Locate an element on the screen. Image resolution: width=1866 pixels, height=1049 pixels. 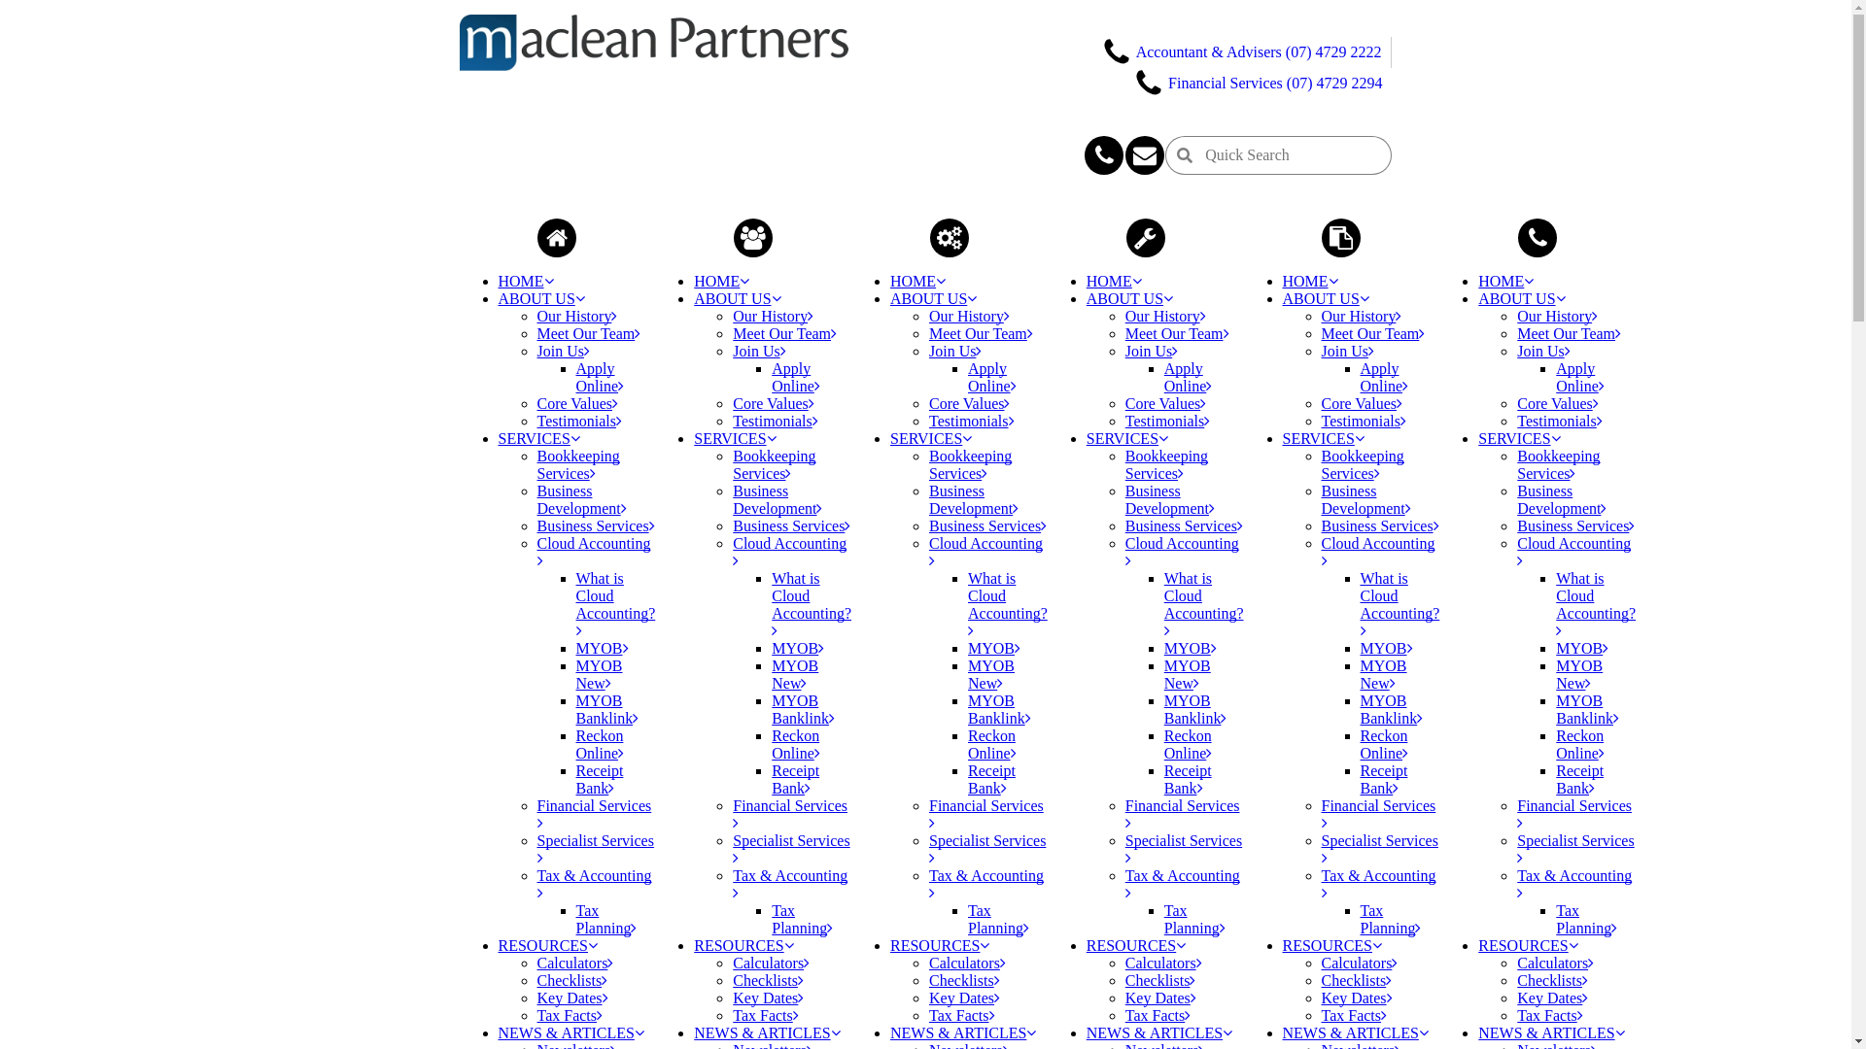
'What is Cloud Accounting?' is located at coordinates (614, 603).